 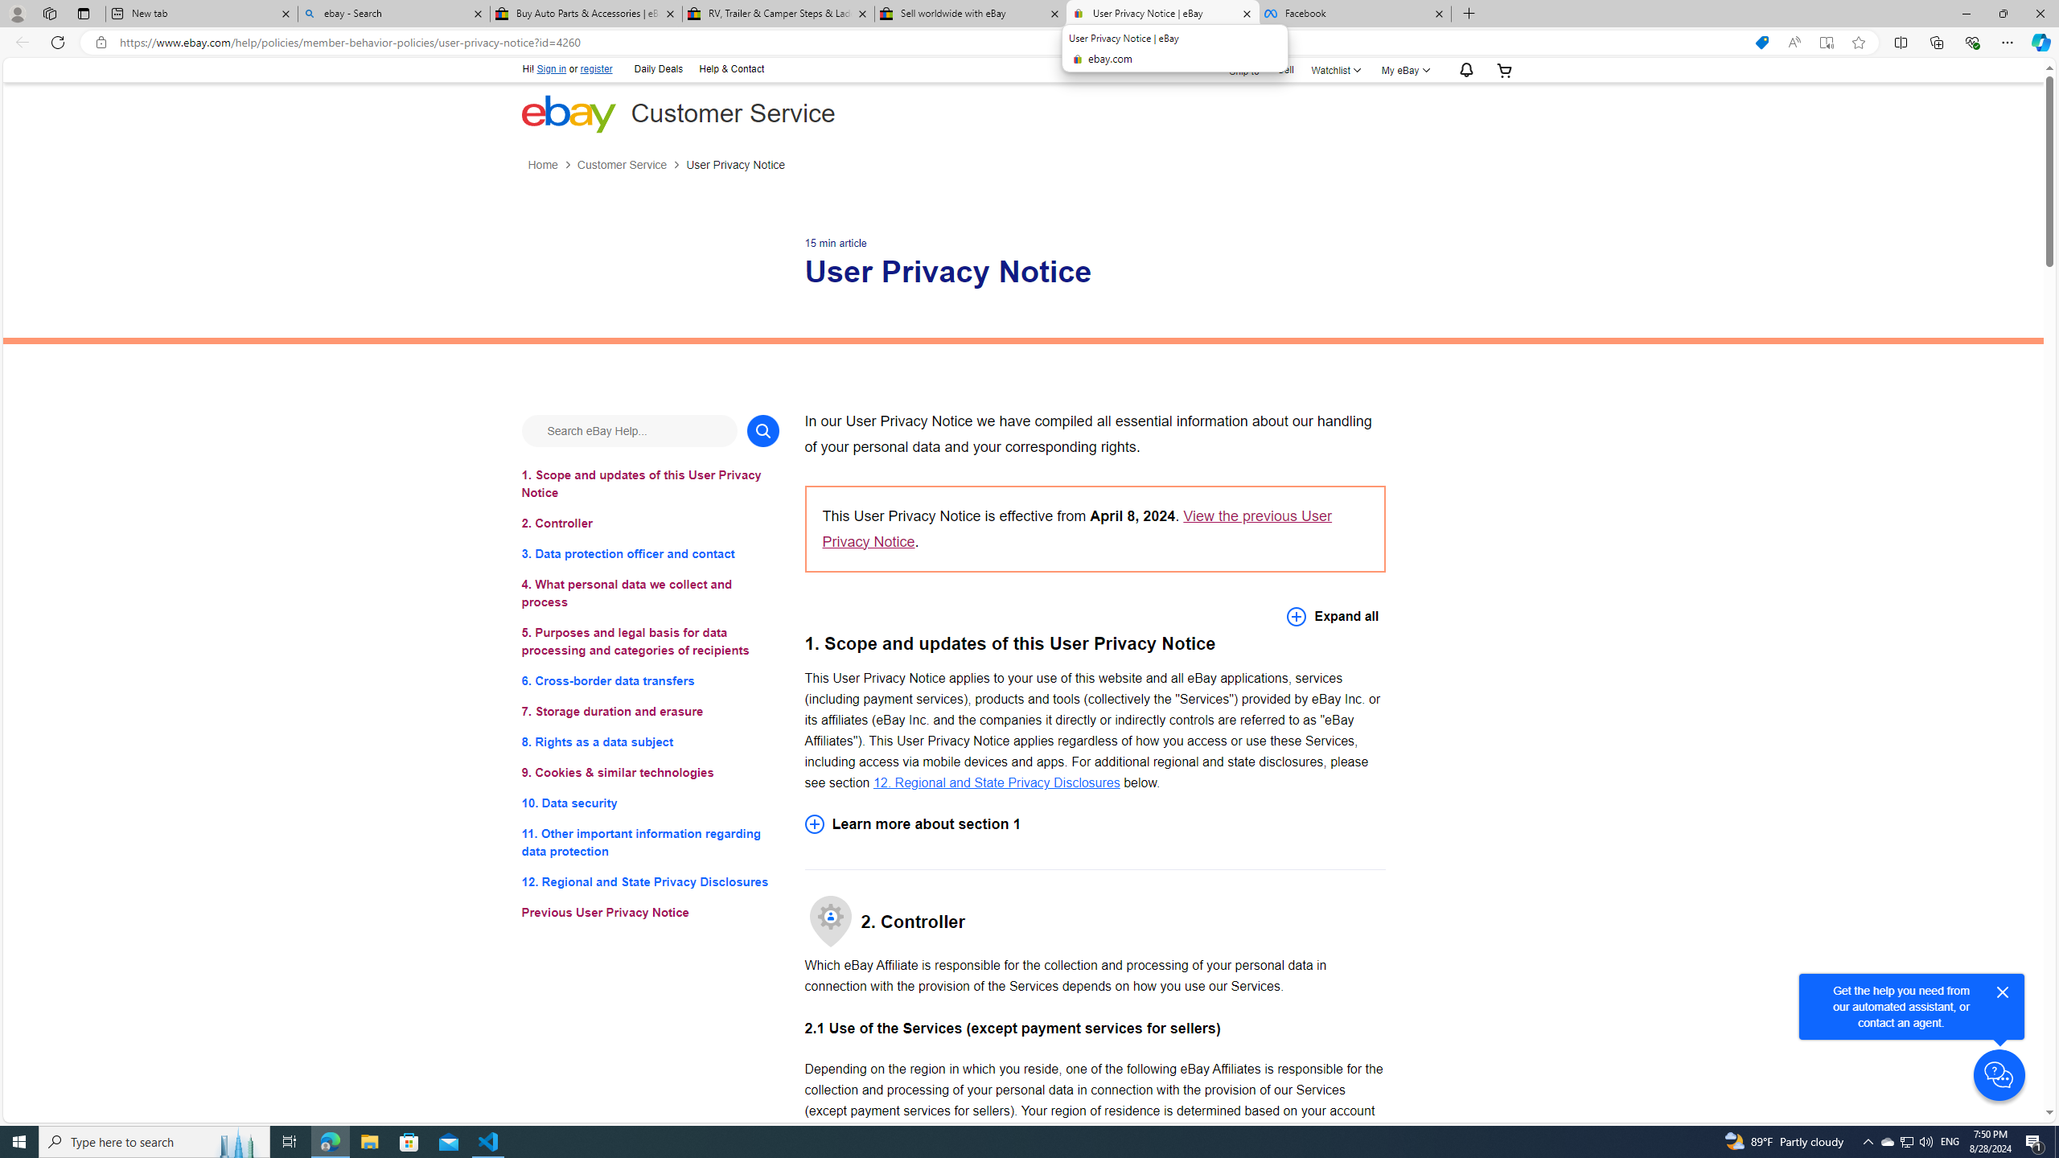 I want to click on '6. Cross-border data transfers', so click(x=649, y=680).